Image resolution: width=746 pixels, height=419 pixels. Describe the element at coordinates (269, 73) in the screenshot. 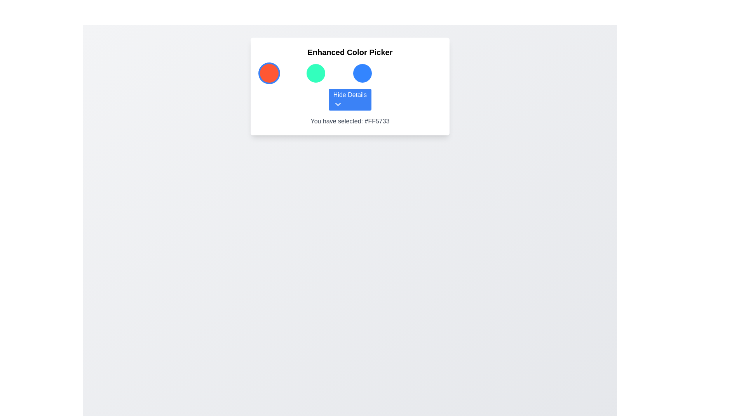

I see `the first color selection button located` at that location.